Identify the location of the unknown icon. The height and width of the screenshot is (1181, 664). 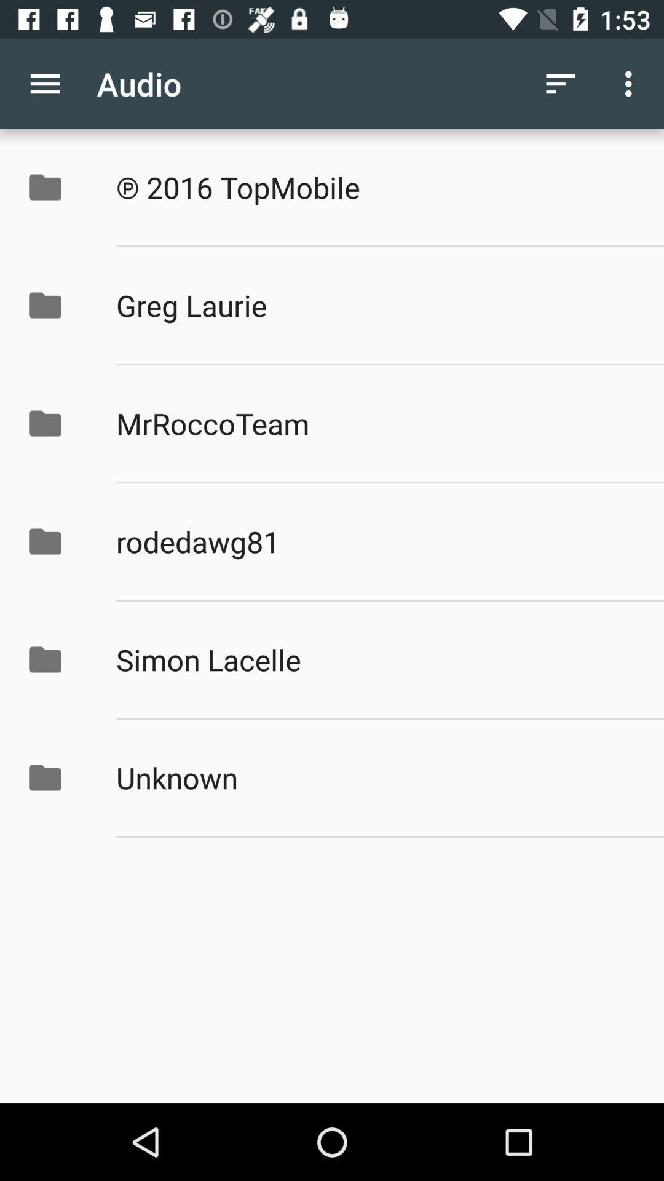
(376, 777).